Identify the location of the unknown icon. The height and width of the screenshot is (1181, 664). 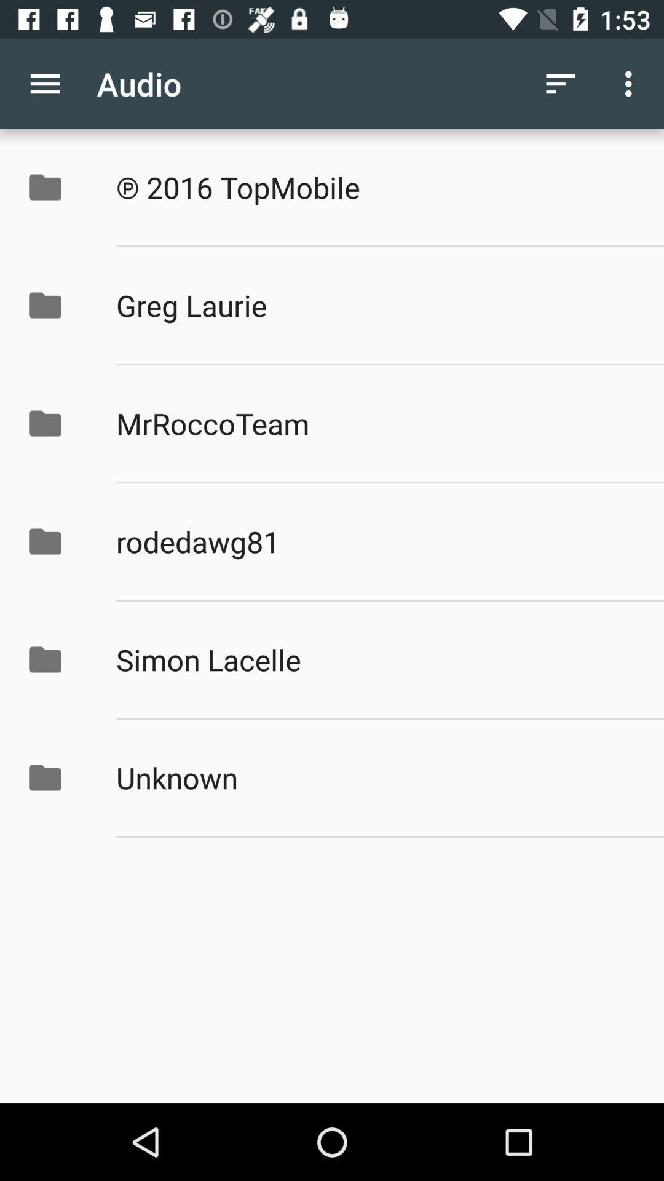
(376, 777).